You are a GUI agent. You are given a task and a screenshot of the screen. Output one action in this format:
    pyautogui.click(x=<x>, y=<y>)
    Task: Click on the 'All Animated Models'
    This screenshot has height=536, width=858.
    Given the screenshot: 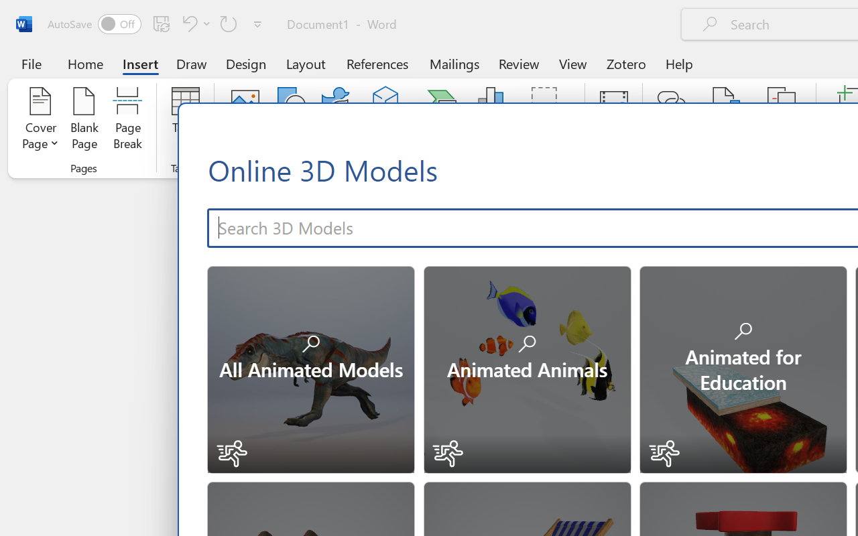 What is the action you would take?
    pyautogui.click(x=310, y=368)
    